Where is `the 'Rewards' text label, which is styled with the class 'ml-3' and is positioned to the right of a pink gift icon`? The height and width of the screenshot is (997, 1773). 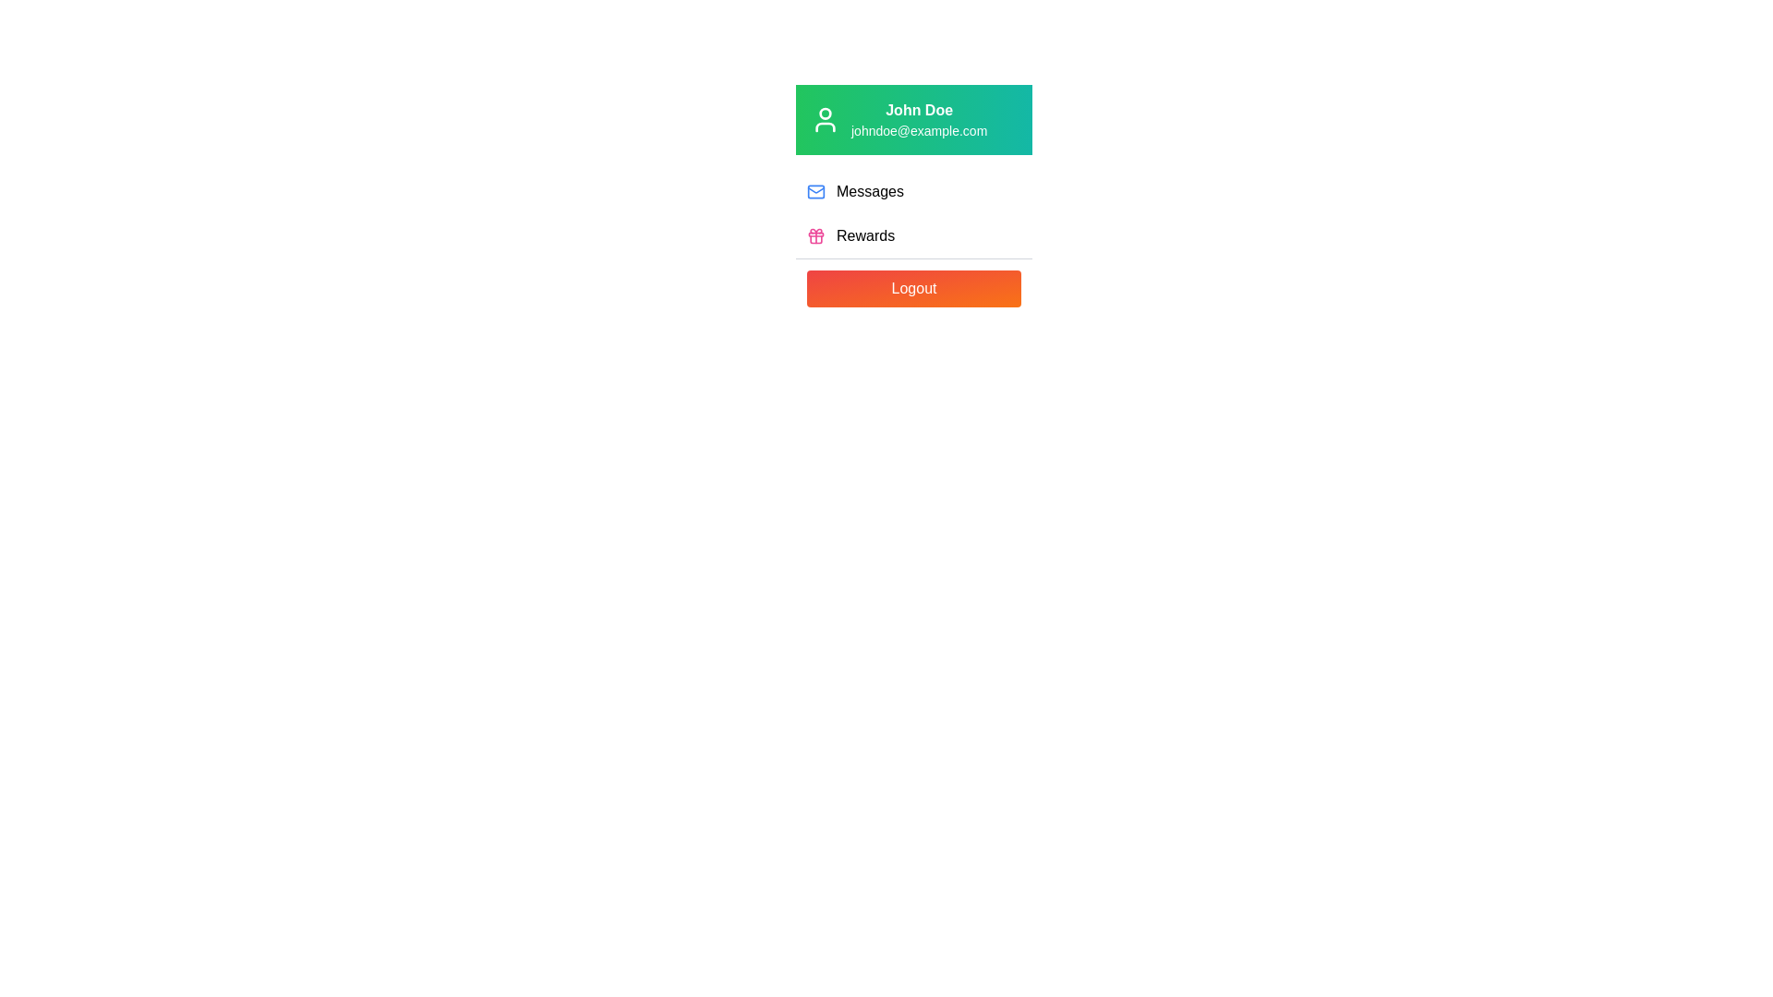 the 'Rewards' text label, which is styled with the class 'ml-3' and is positioned to the right of a pink gift icon is located at coordinates (864, 234).